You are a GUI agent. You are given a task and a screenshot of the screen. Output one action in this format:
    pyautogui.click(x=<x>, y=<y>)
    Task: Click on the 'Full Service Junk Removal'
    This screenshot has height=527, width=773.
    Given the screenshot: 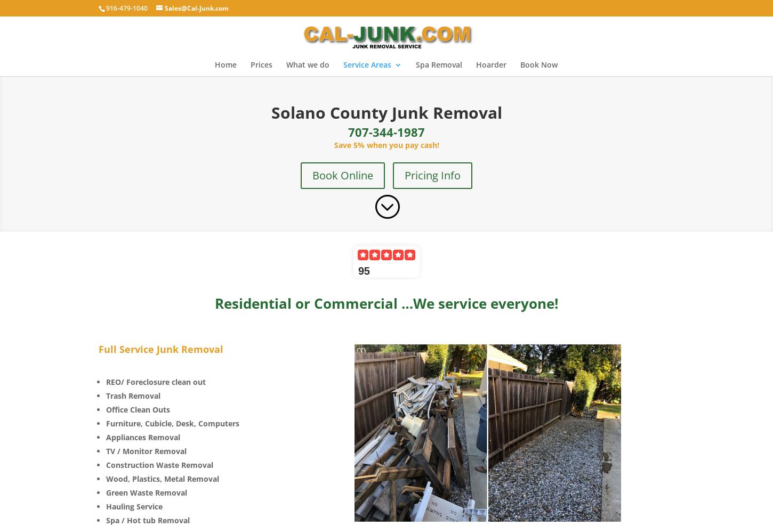 What is the action you would take?
    pyautogui.click(x=161, y=349)
    